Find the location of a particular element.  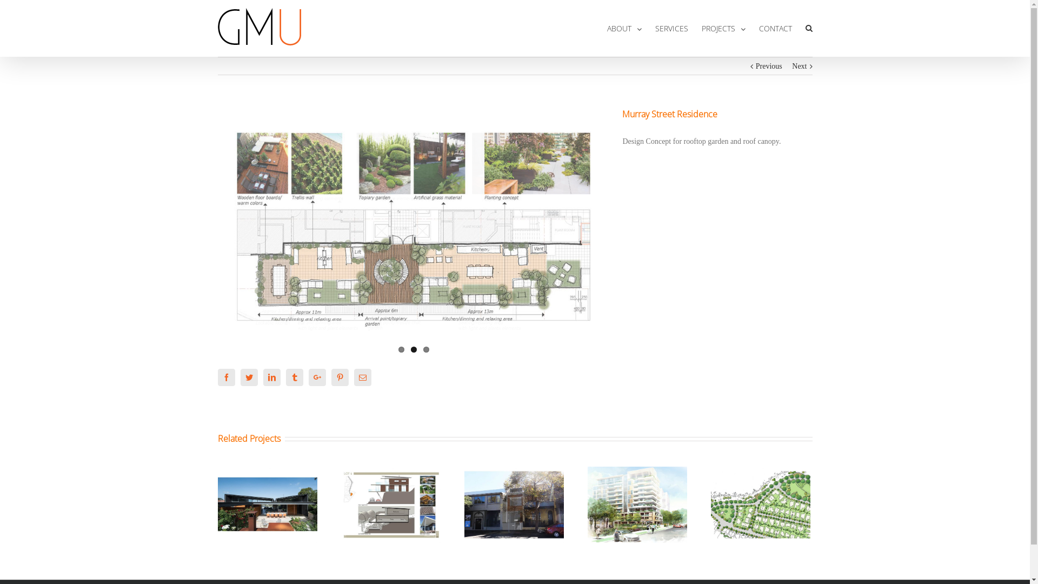

'1' is located at coordinates (401, 349).